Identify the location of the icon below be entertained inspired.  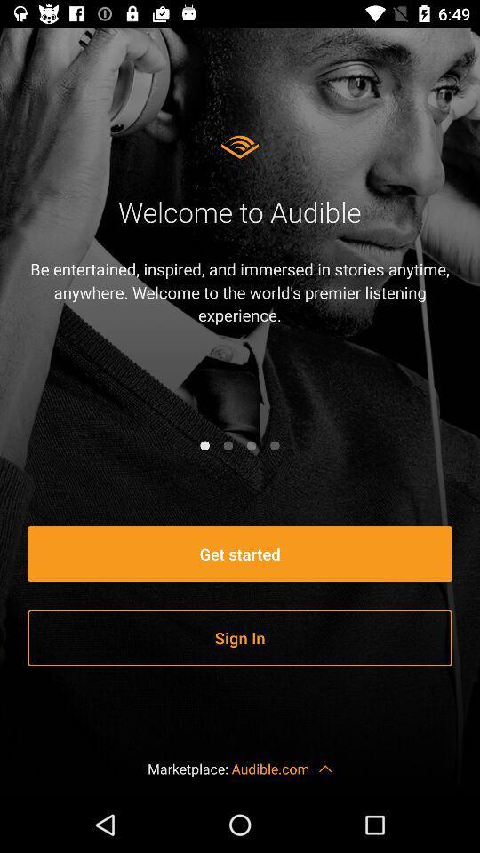
(251, 444).